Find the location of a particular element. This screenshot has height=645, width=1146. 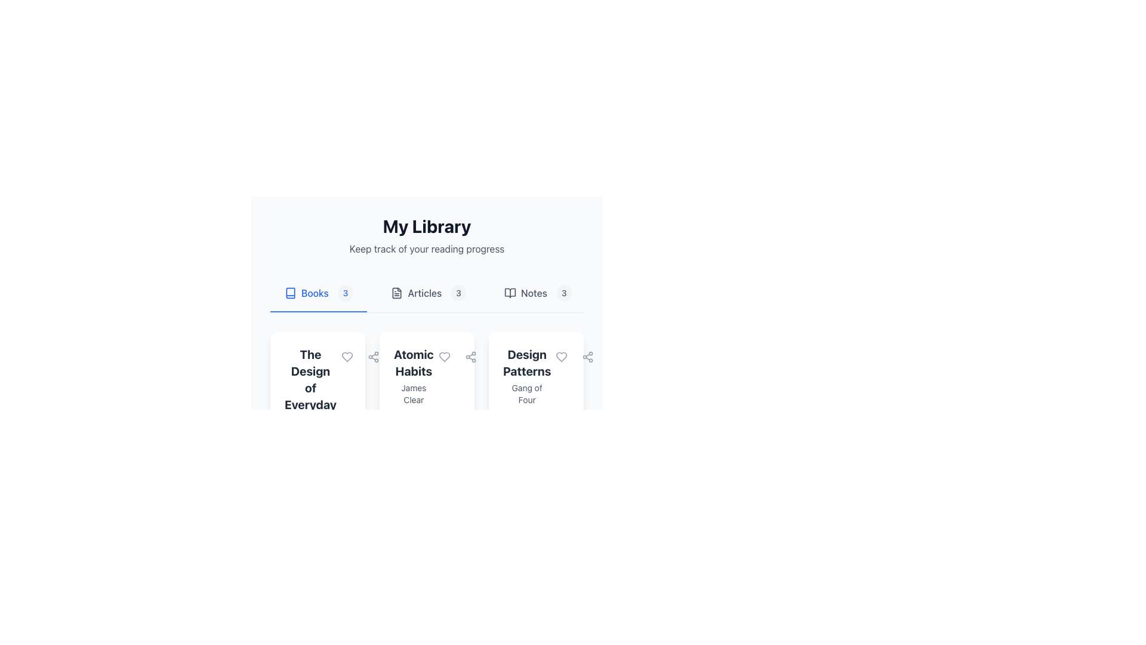

text content of the Text Label that serves as the title of a book within the library interface, positioned above the subtitle 'Don Norman' is located at coordinates (310, 388).